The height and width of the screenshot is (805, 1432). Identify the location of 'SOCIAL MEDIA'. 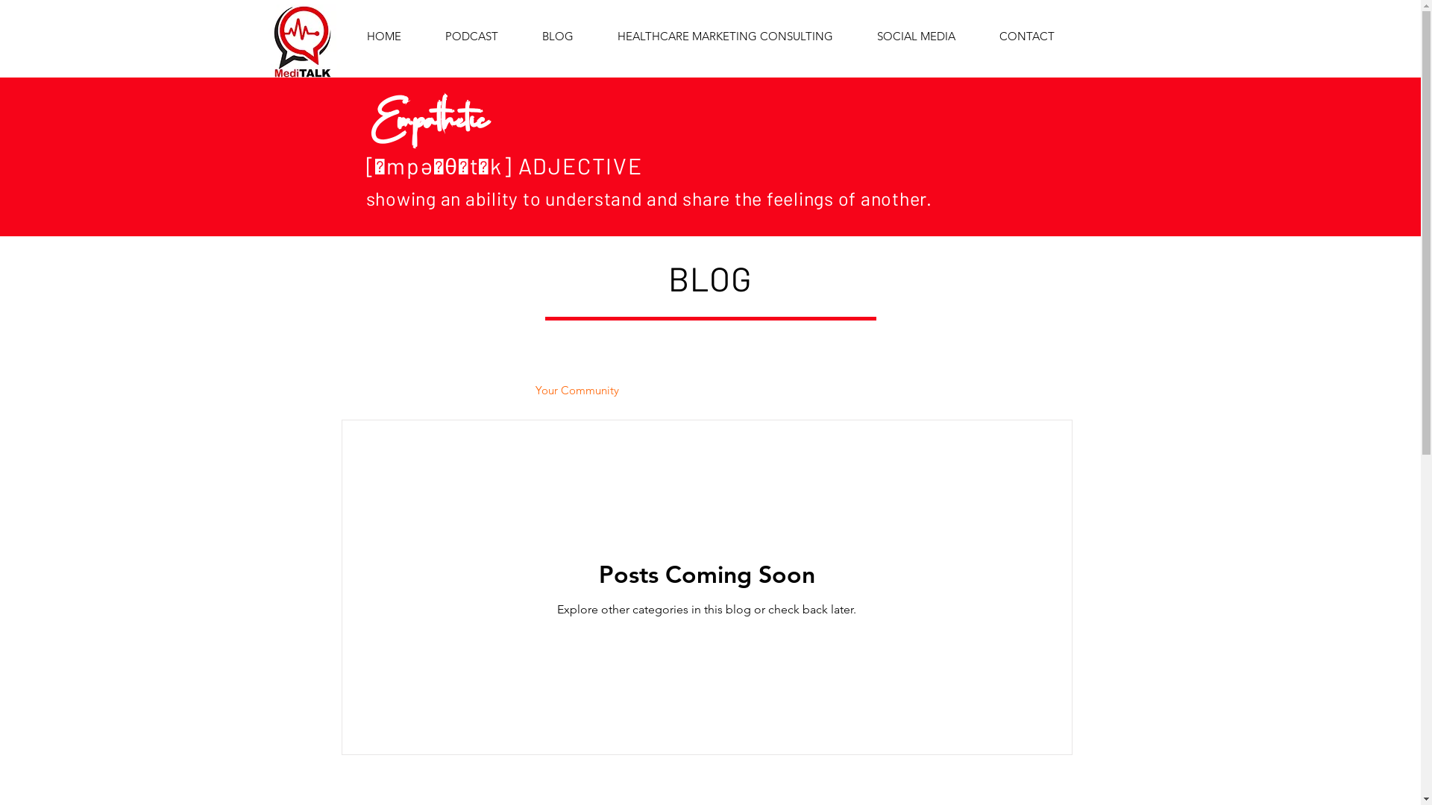
(915, 36).